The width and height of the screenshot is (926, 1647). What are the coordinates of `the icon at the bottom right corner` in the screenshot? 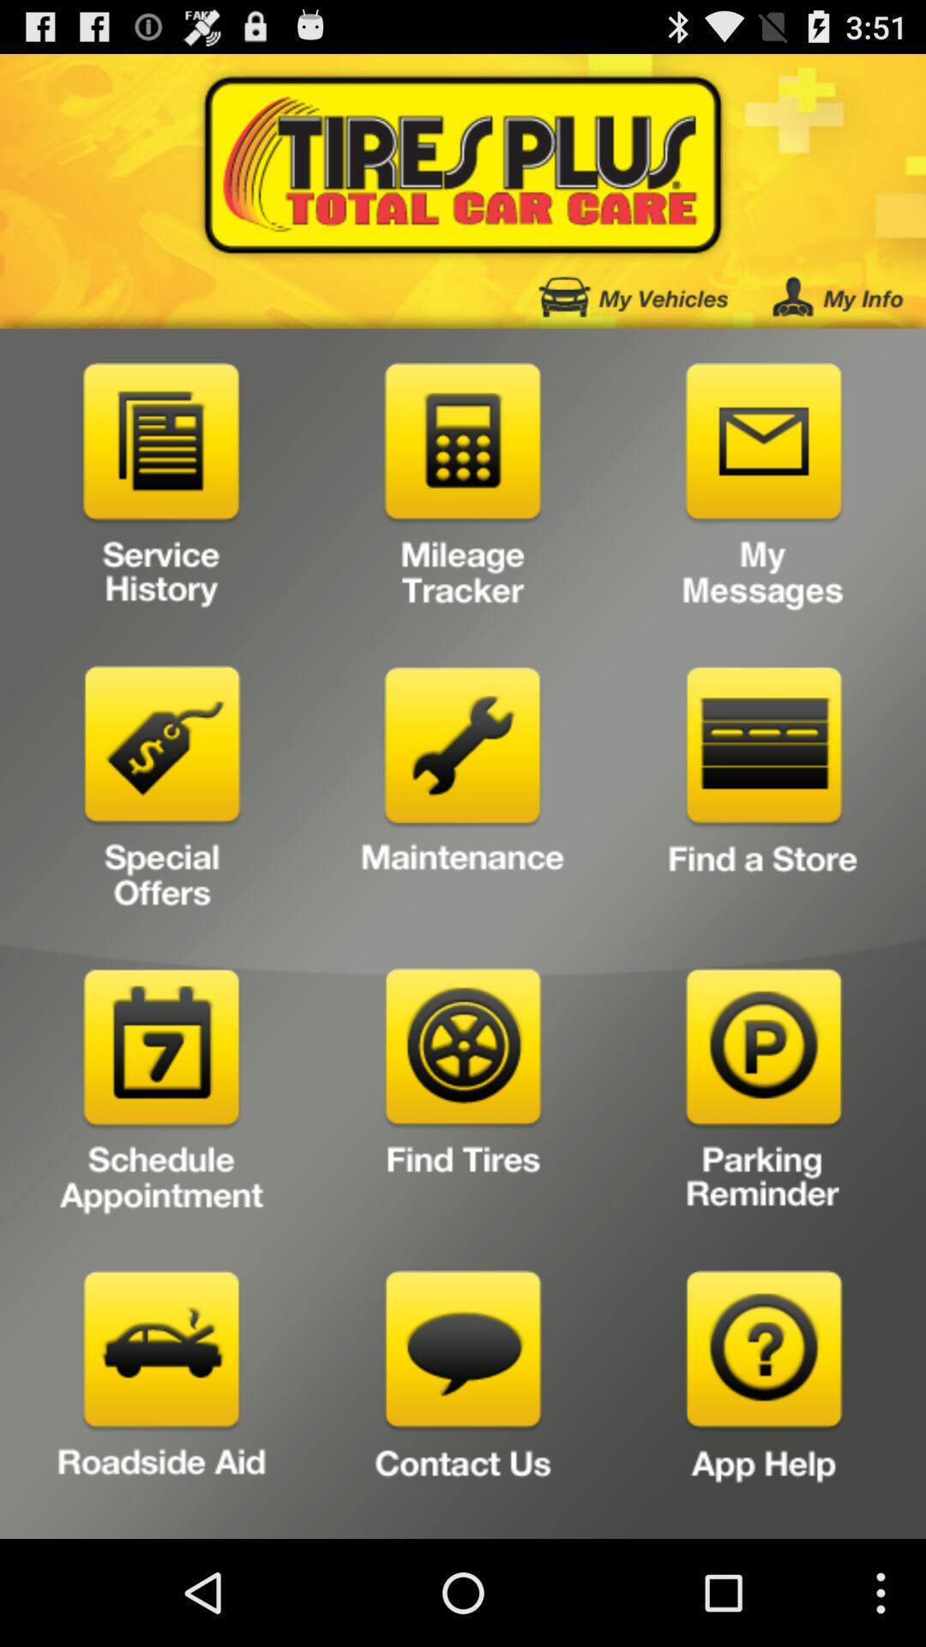 It's located at (763, 1398).